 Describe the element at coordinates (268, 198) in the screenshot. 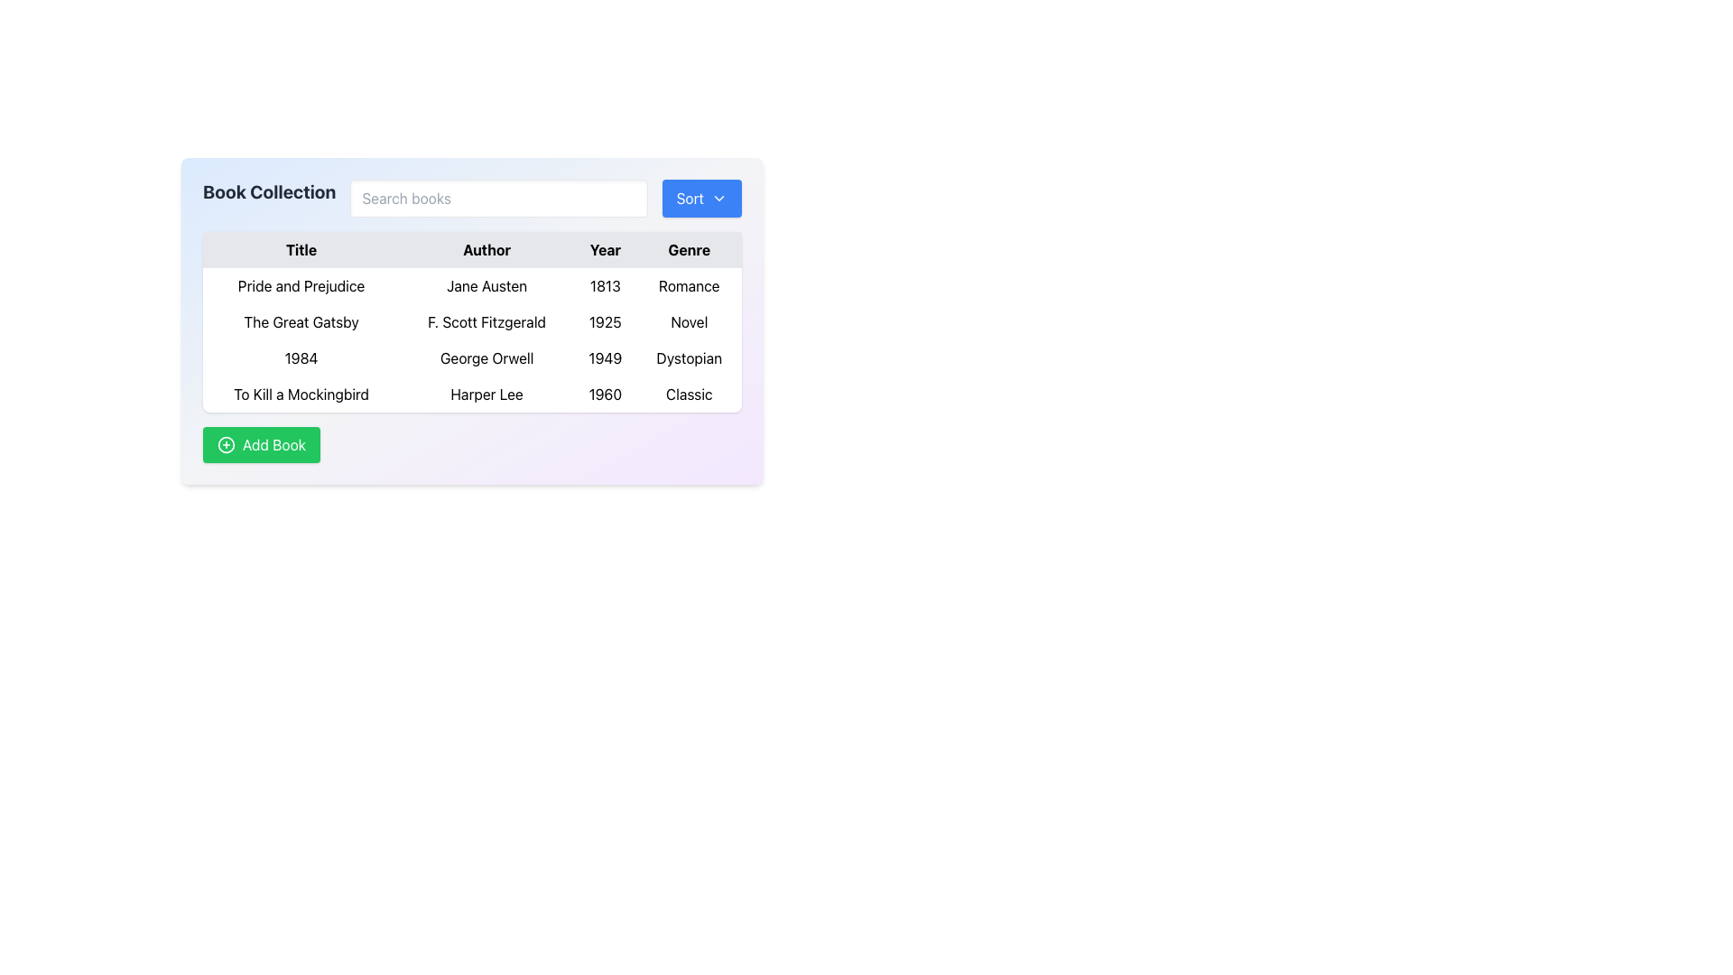

I see `the bold, large-sized static text label reading 'Book Collection' located in the upper-left corner of the panel` at that location.